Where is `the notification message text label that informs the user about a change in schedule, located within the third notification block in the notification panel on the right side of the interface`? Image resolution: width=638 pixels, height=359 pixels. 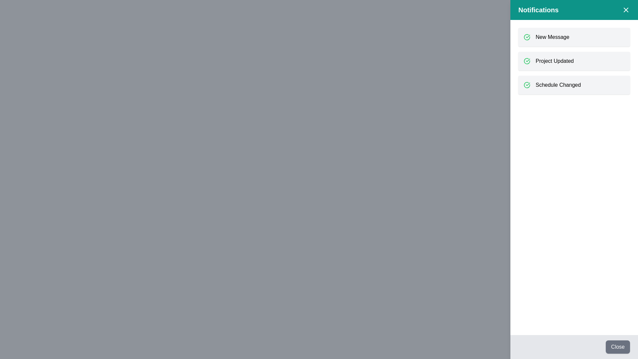
the notification message text label that informs the user about a change in schedule, located within the third notification block in the notification panel on the right side of the interface is located at coordinates (558, 84).